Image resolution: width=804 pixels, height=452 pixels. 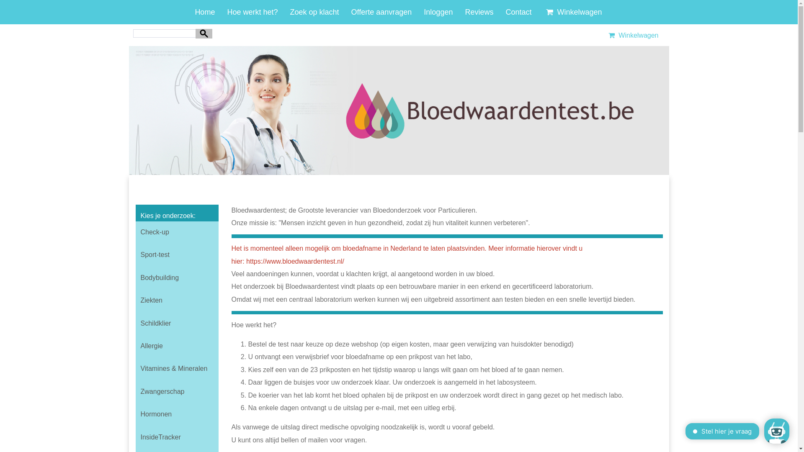 What do you see at coordinates (176, 254) in the screenshot?
I see `'Sport-test'` at bounding box center [176, 254].